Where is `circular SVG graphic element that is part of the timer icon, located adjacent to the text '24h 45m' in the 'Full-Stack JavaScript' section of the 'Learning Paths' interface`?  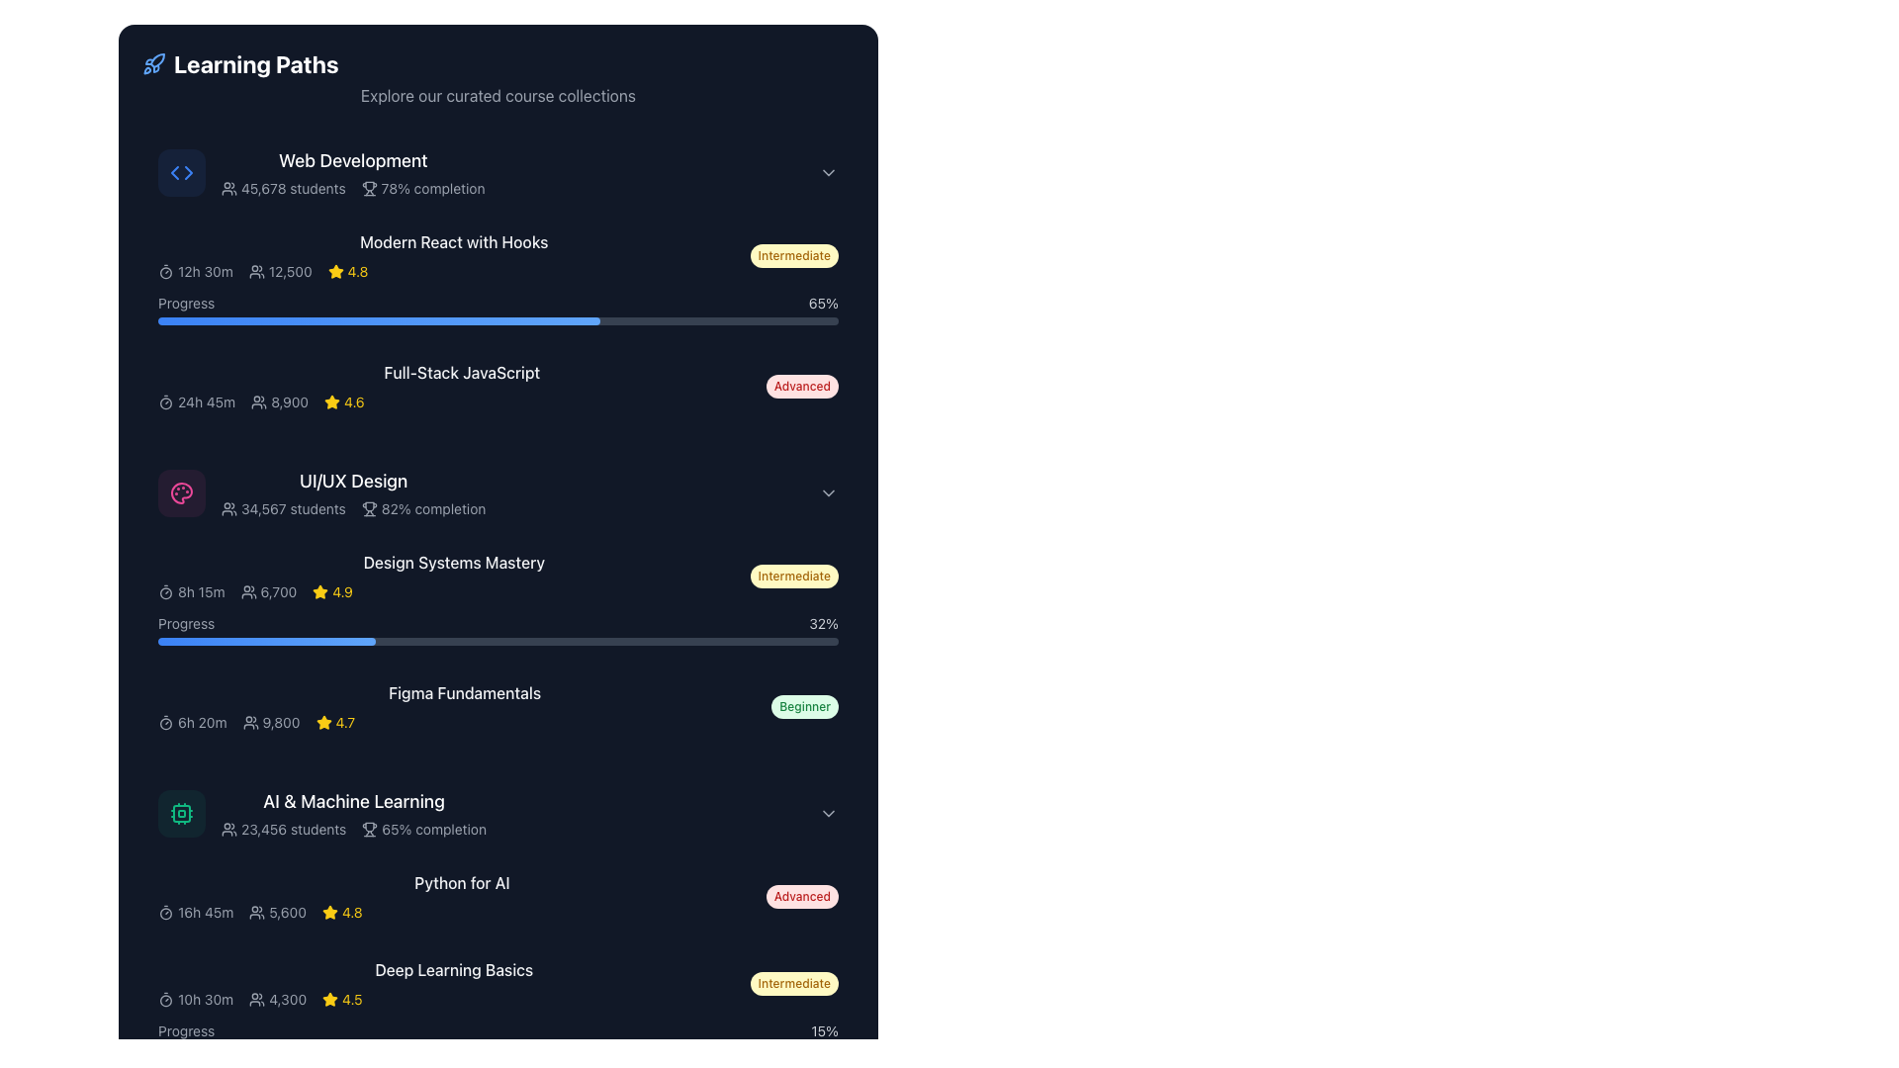 circular SVG graphic element that is part of the timer icon, located adjacent to the text '24h 45m' in the 'Full-Stack JavaScript' section of the 'Learning Paths' interface is located at coordinates (166, 402).